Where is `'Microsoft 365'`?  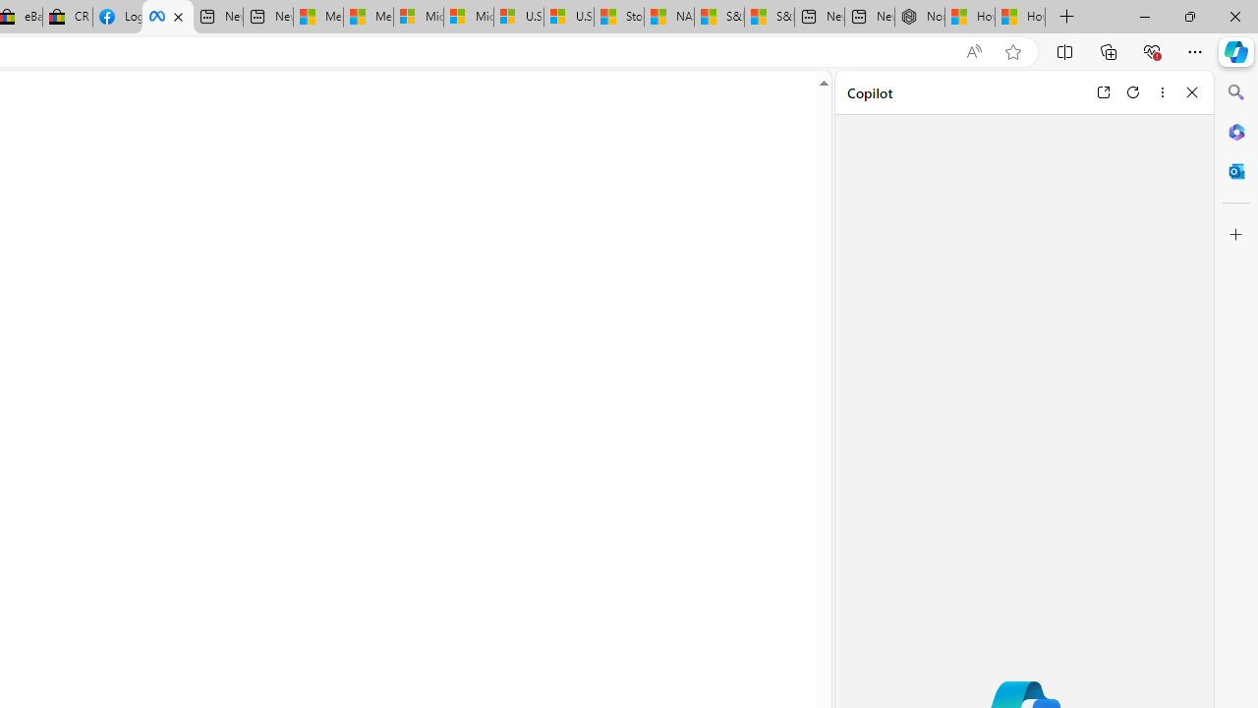
'Microsoft 365' is located at coordinates (1235, 131).